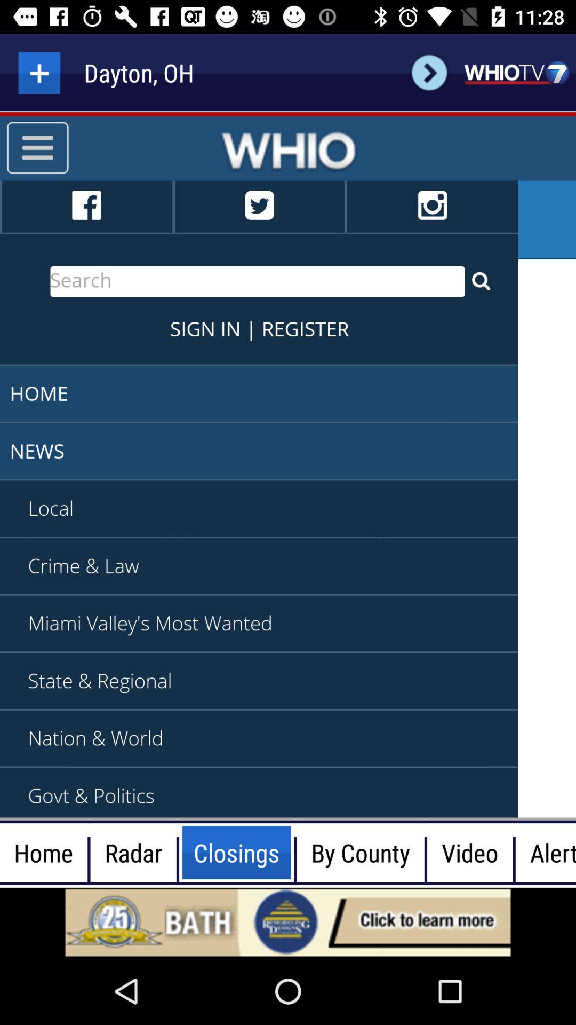  I want to click on the menu icon, so click(35, 147).